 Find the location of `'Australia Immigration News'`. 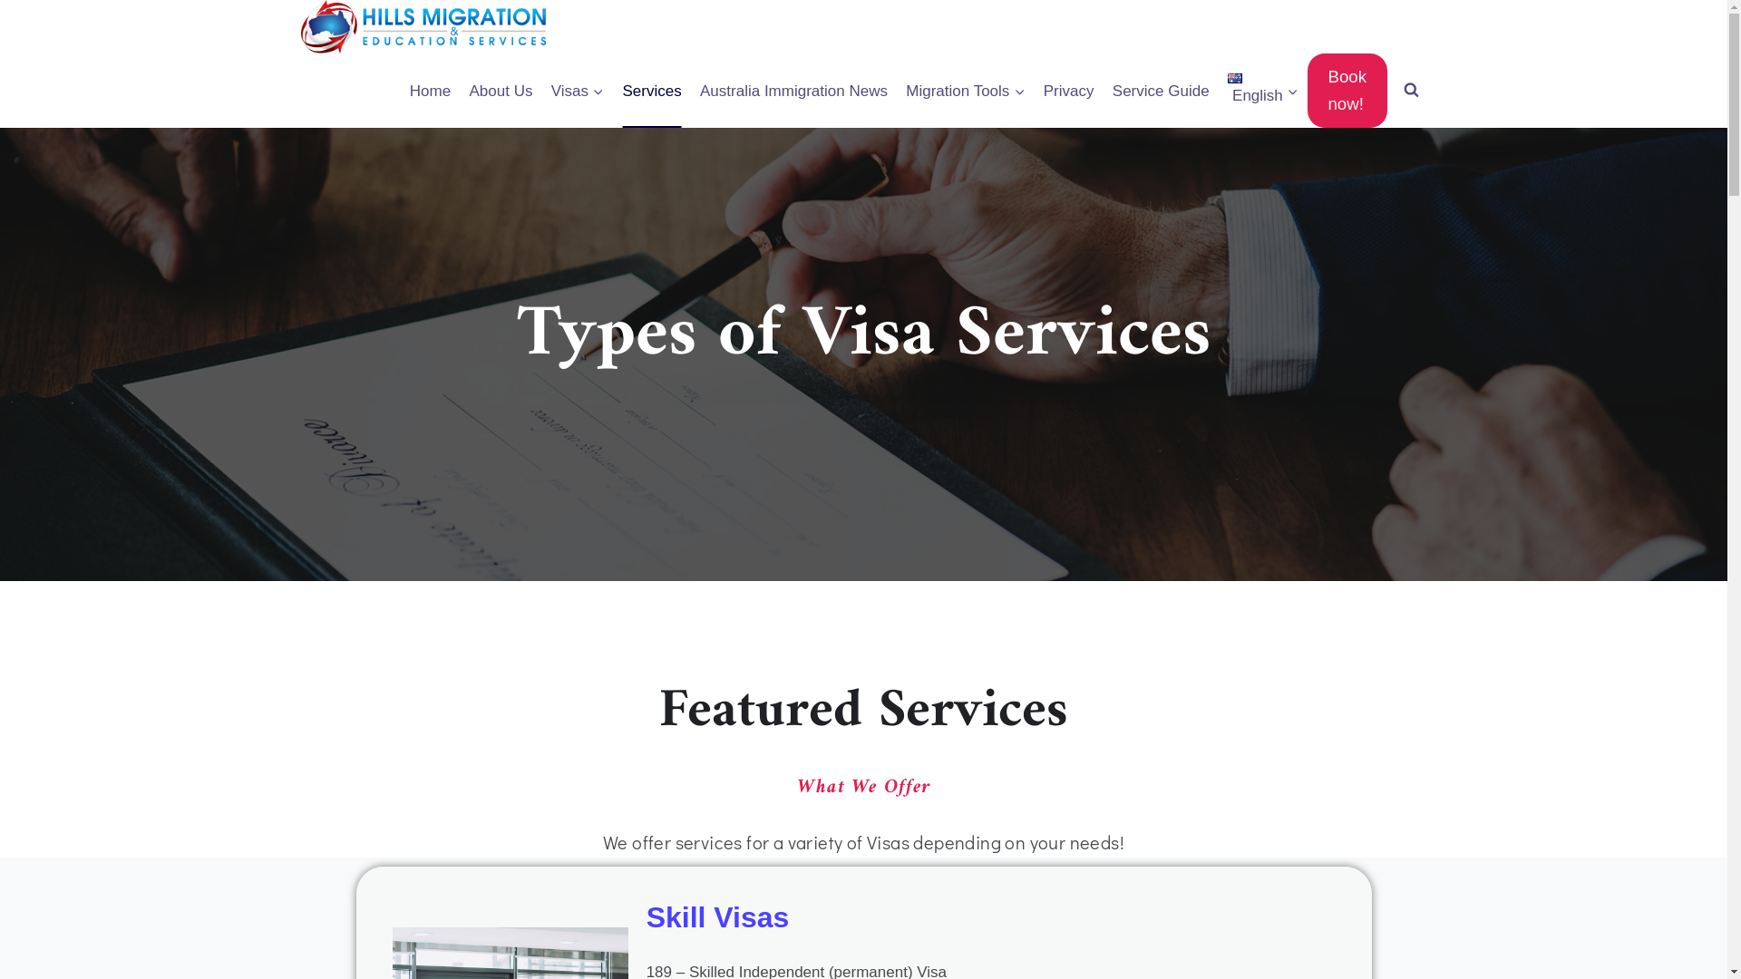

'Australia Immigration News' is located at coordinates (793, 91).